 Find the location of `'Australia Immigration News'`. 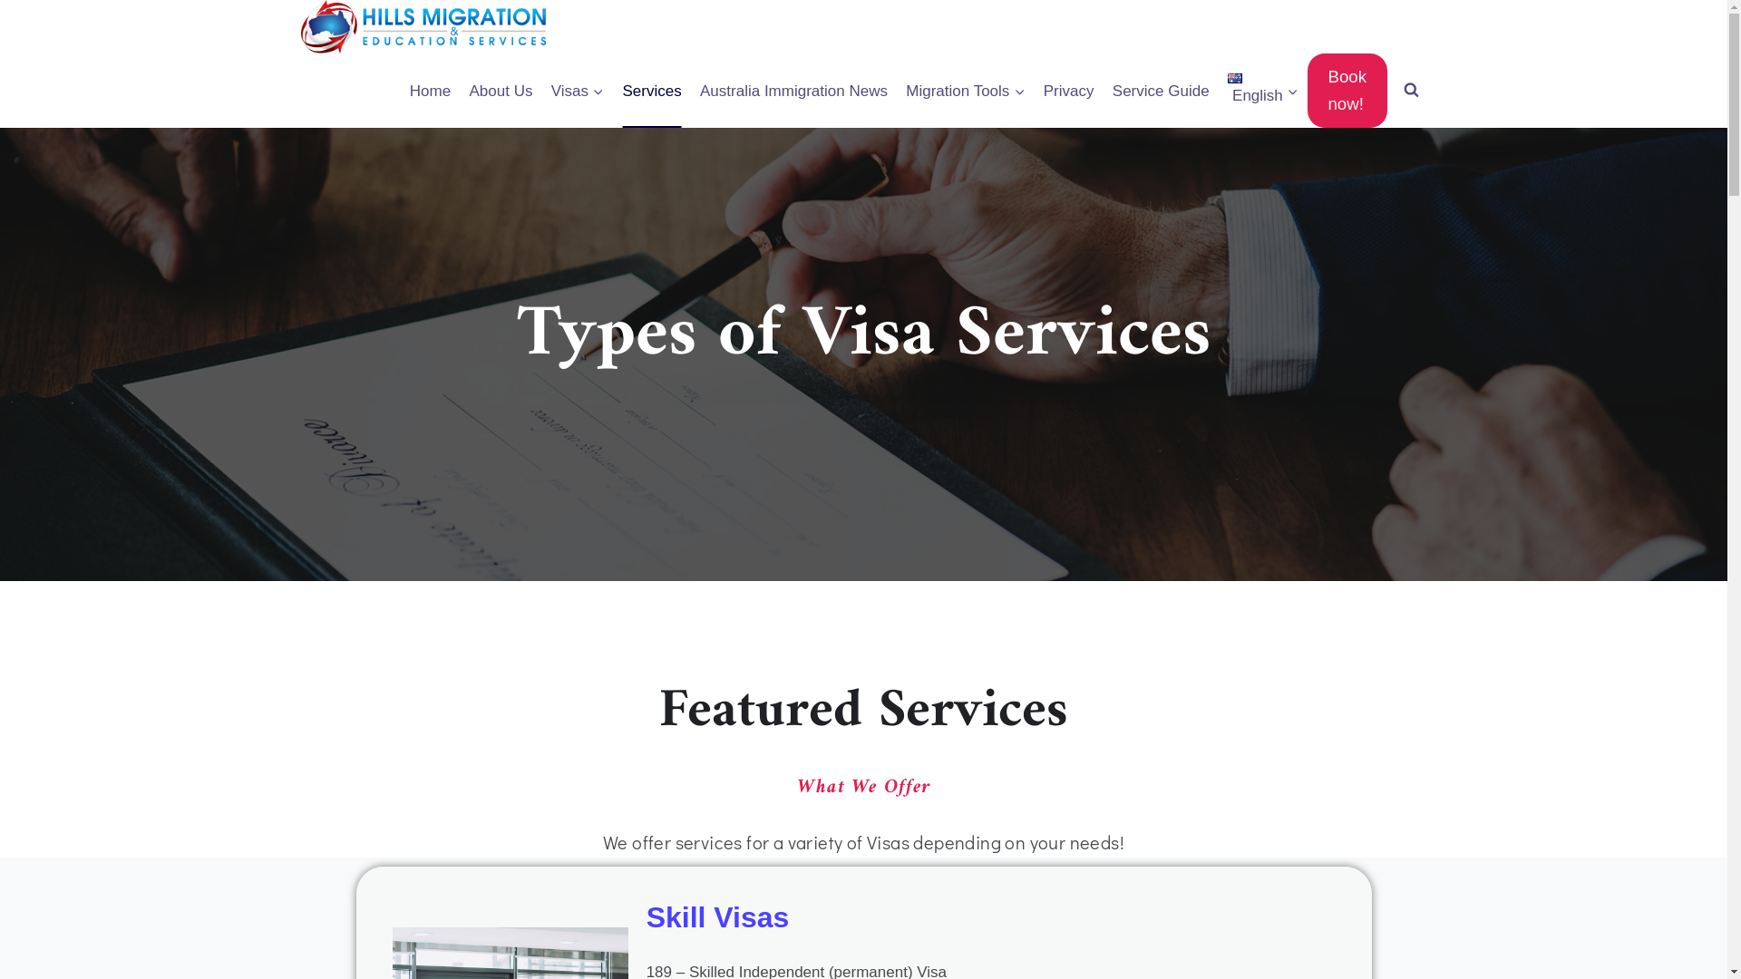

'Australia Immigration News' is located at coordinates (793, 91).